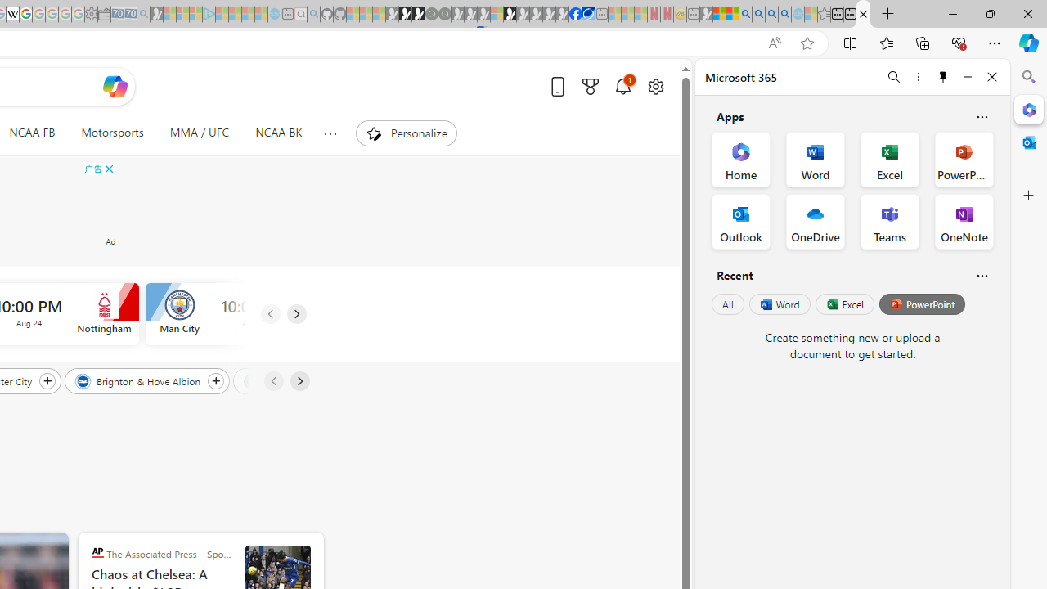 Image resolution: width=1047 pixels, height=589 pixels. Describe the element at coordinates (445, 14) in the screenshot. I see `'Future Focus Report 2024 - Sleeping'` at that location.